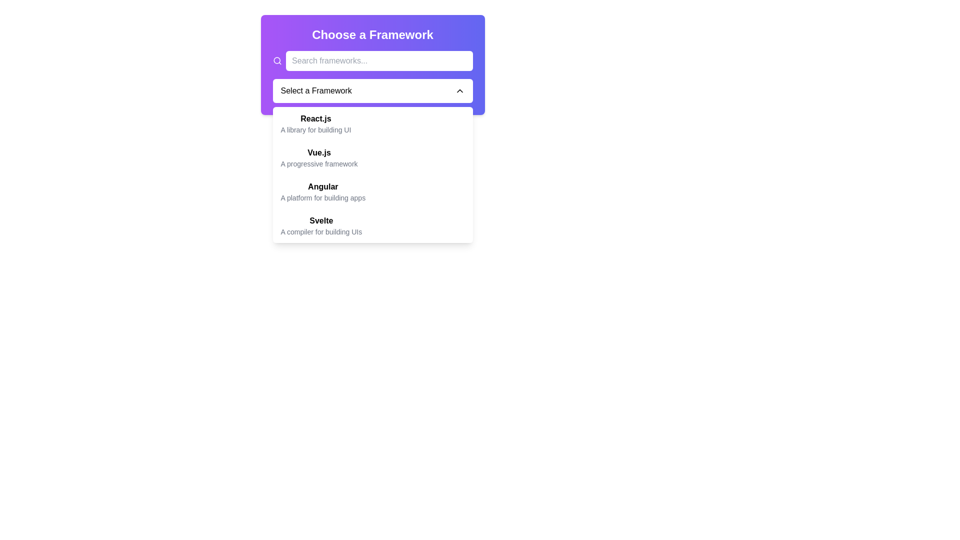  I want to click on the upward-pointing chevron icon at the rightmost end of the 'Select a Framework' dropdown menu, so click(459, 90).